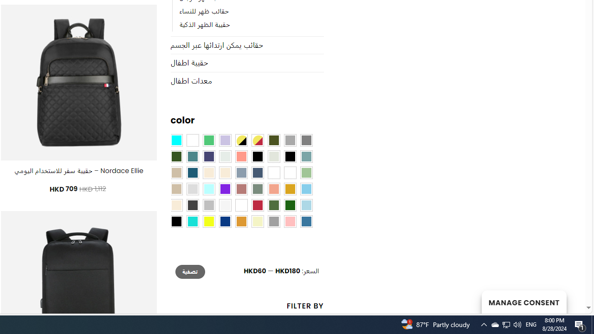  What do you see at coordinates (208, 141) in the screenshot?
I see `'Emerald Green'` at bounding box center [208, 141].